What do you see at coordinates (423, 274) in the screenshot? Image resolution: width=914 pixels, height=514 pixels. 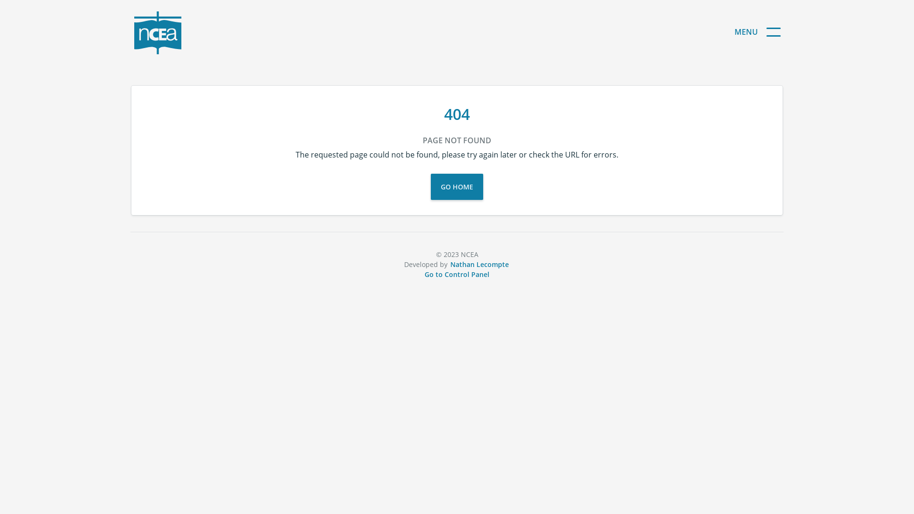 I see `'Go to Control Panel'` at bounding box center [423, 274].